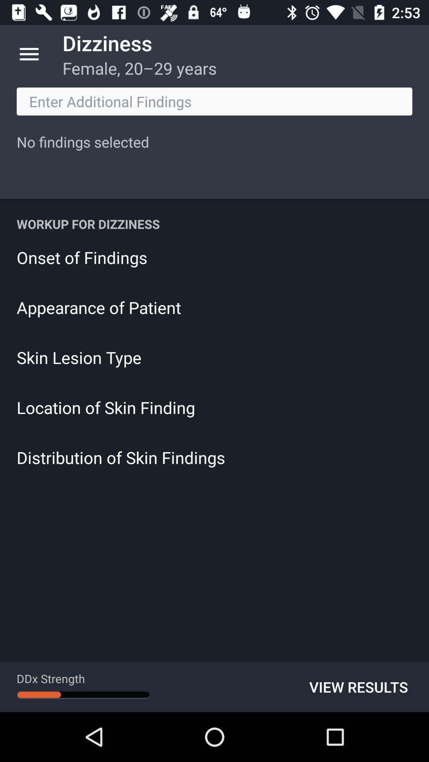 The height and width of the screenshot is (762, 429). What do you see at coordinates (29, 54) in the screenshot?
I see `item to the left of dizziness item` at bounding box center [29, 54].